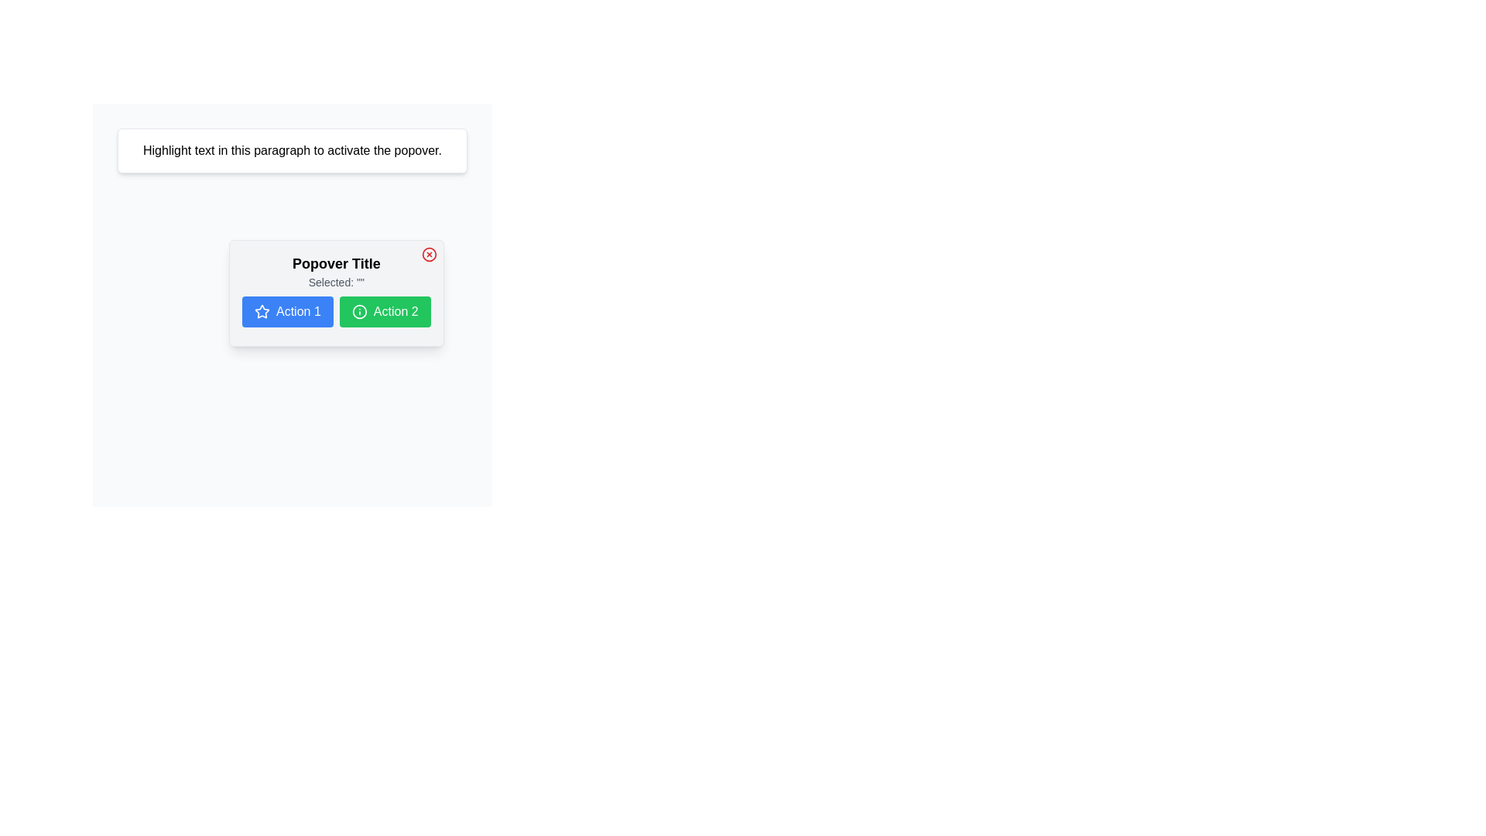 This screenshot has width=1486, height=836. I want to click on the first button labeled 'Action 1' with a blue background, so click(335, 311).